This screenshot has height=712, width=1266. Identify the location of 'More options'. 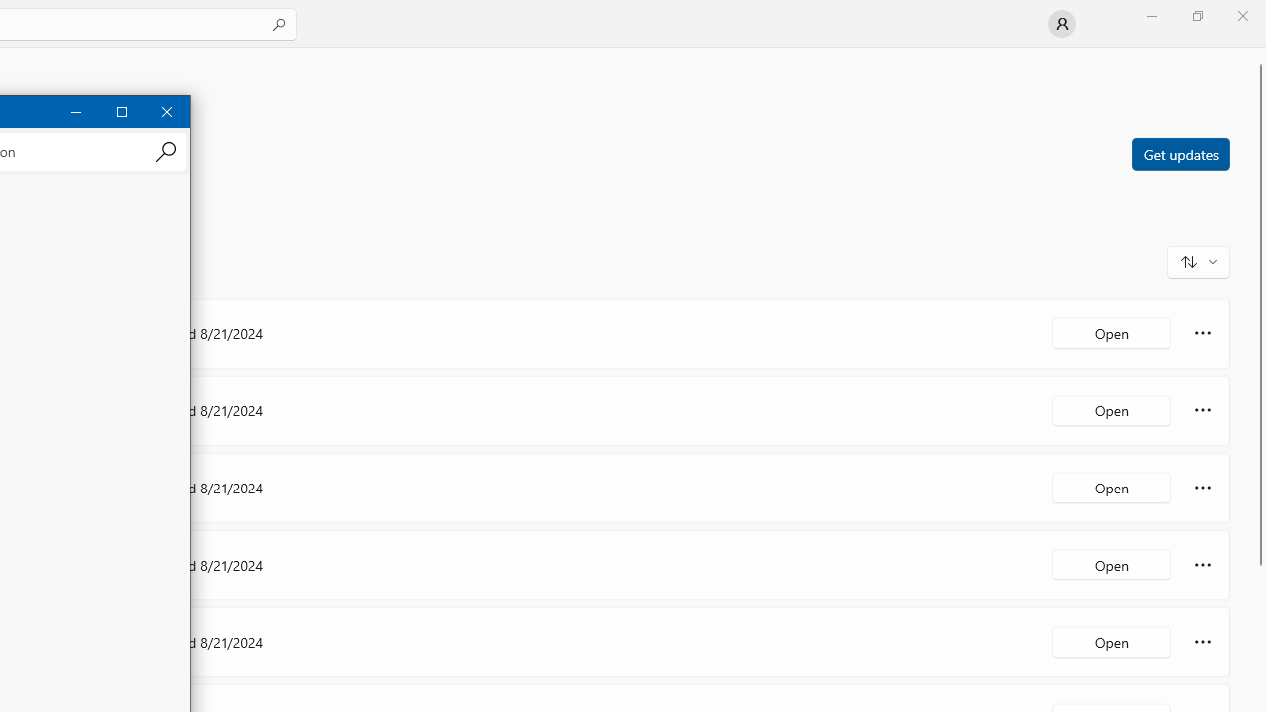
(1202, 642).